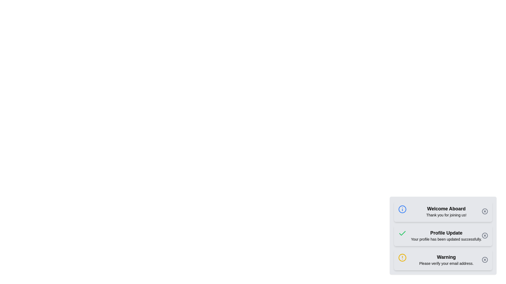  Describe the element at coordinates (485, 211) in the screenshot. I see `the dismiss button located in the top-right corner of the notification card that contains the message 'Welcome Aboard' and 'Thank you for joining us!' for accessibility purposes` at that location.